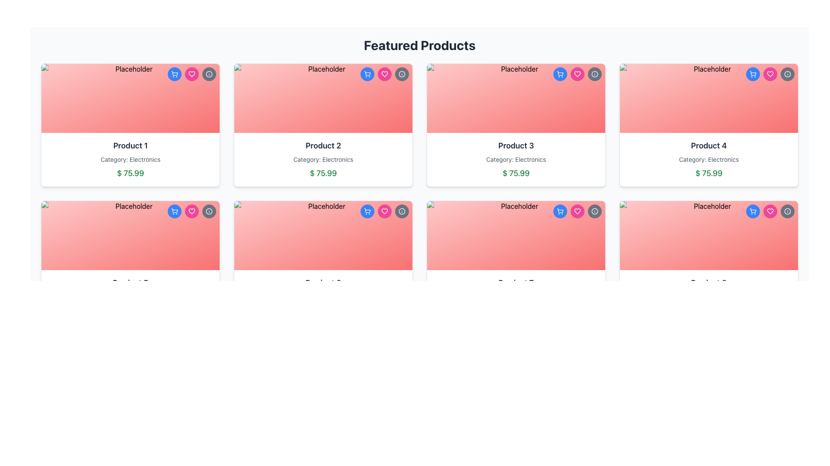 This screenshot has height=466, width=830. I want to click on the circular button with a pink background and white heart icon located in the top-right corner of the card displaying 'Product 4', so click(770, 74).